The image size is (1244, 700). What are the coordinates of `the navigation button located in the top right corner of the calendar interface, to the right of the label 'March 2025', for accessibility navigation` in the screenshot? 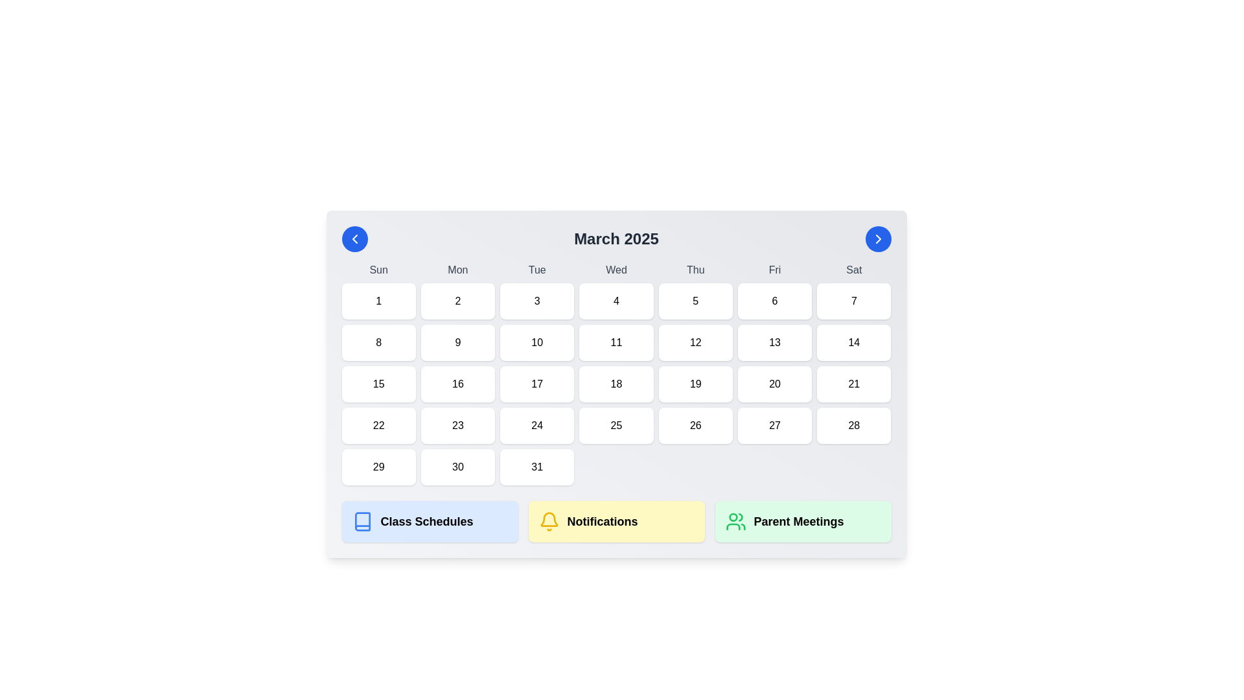 It's located at (878, 239).